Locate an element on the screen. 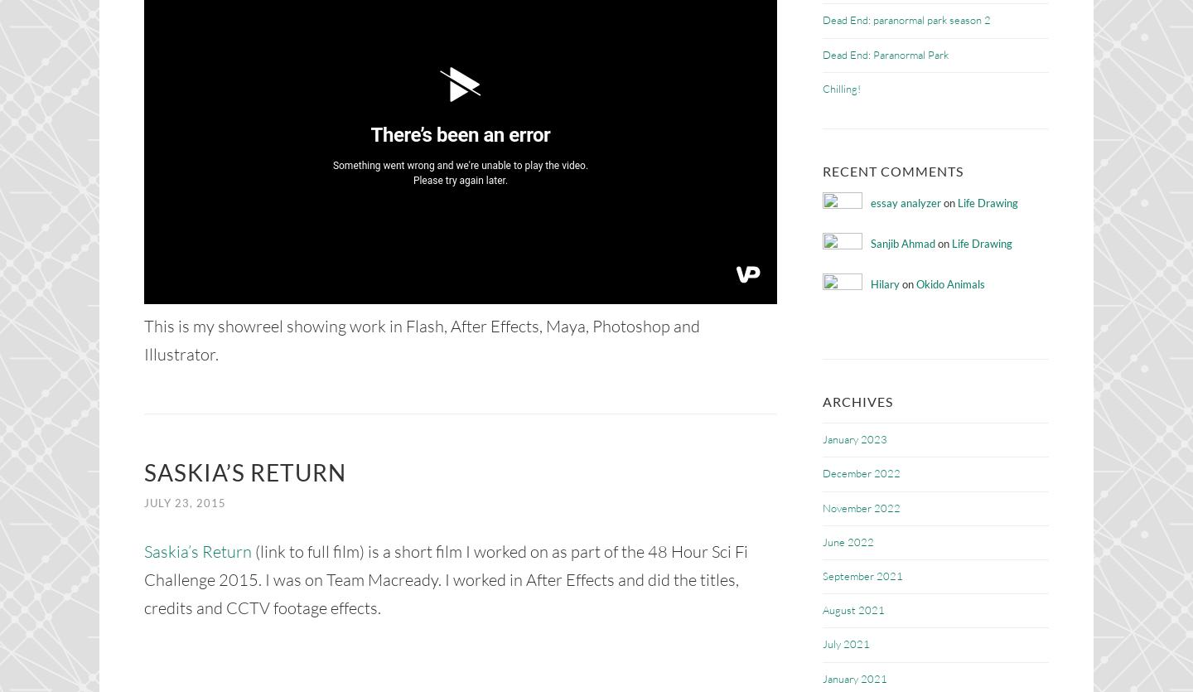 The height and width of the screenshot is (692, 1193). 'Archives' is located at coordinates (822, 400).